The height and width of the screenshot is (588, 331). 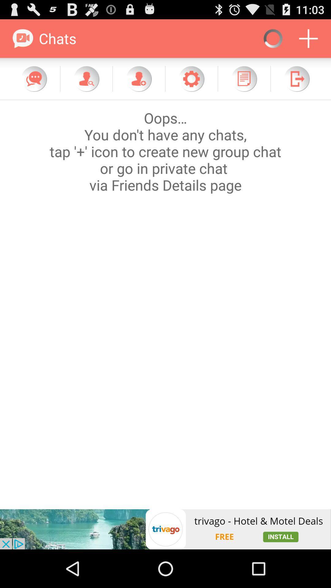 What do you see at coordinates (191, 78) in the screenshot?
I see `favorite` at bounding box center [191, 78].